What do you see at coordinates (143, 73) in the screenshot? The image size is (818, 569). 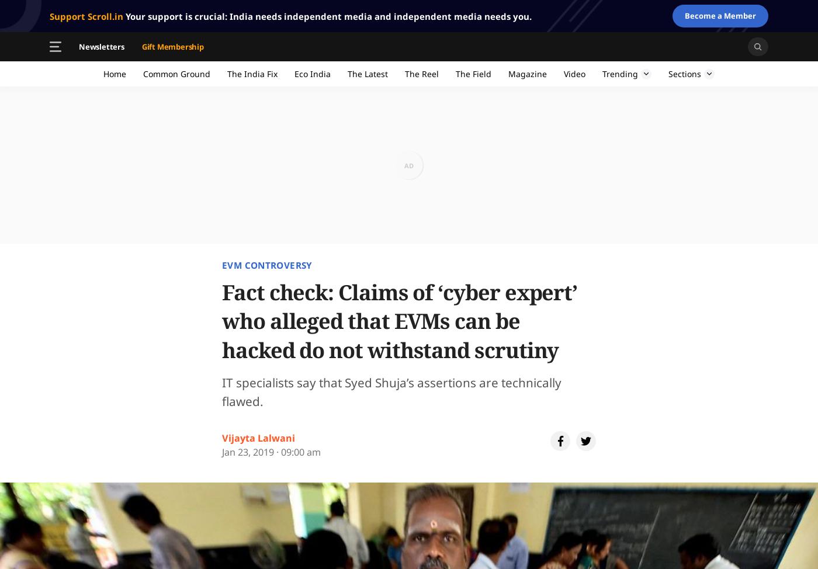 I see `'Common Ground'` at bounding box center [143, 73].